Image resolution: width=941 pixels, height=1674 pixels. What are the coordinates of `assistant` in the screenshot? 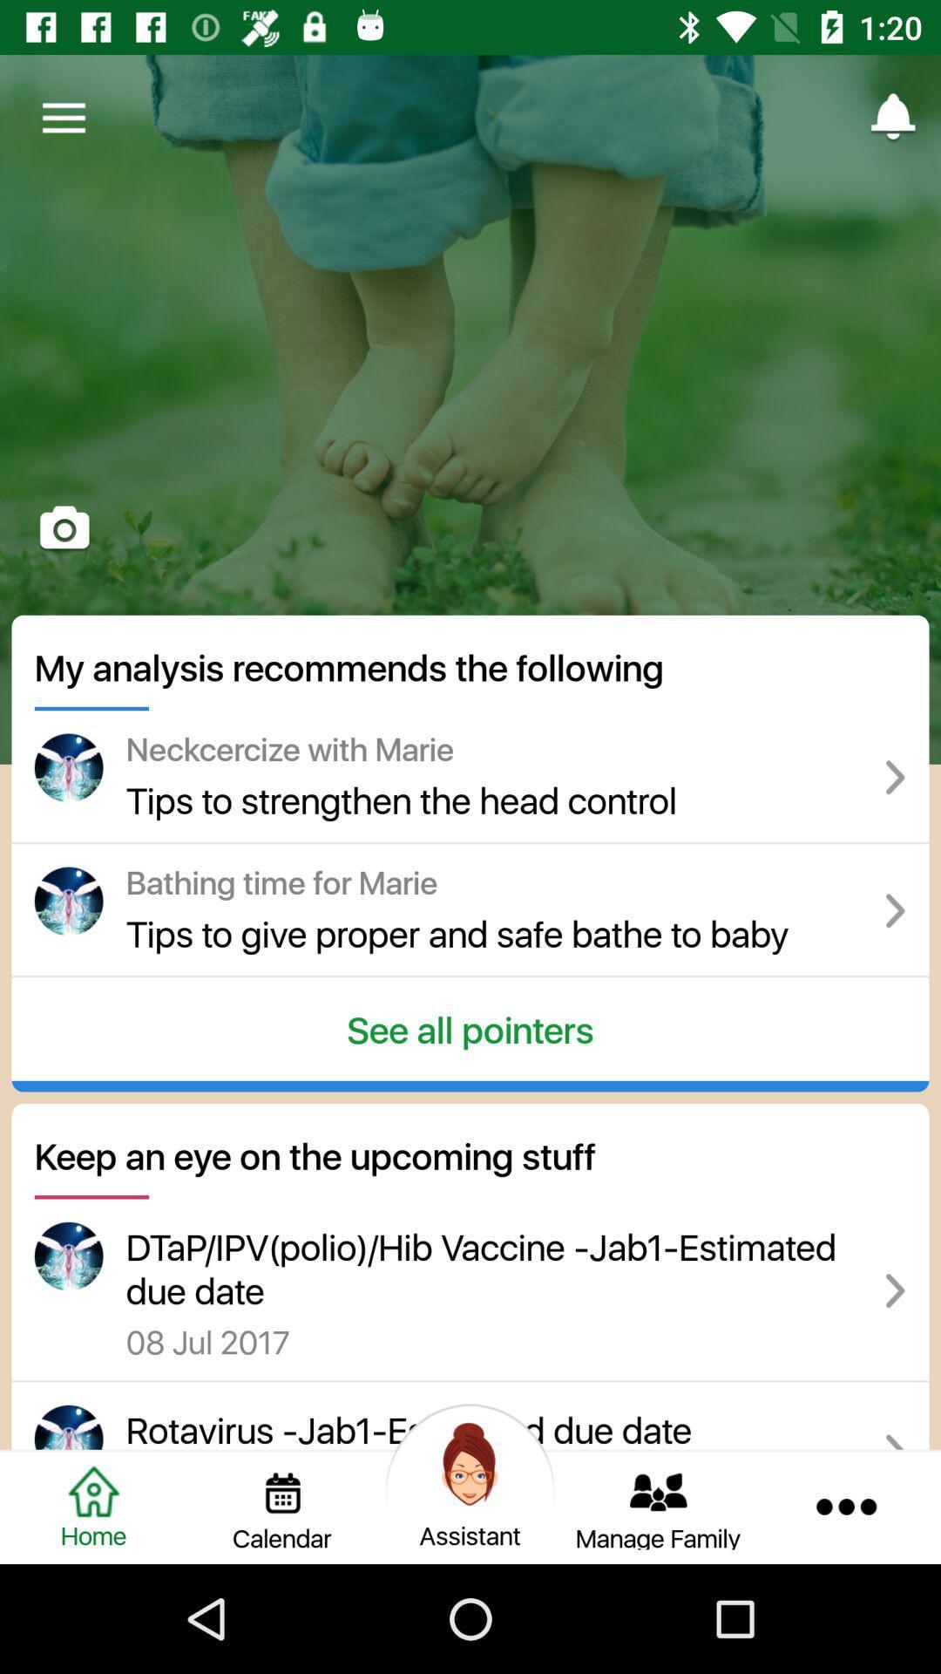 It's located at (470, 1506).